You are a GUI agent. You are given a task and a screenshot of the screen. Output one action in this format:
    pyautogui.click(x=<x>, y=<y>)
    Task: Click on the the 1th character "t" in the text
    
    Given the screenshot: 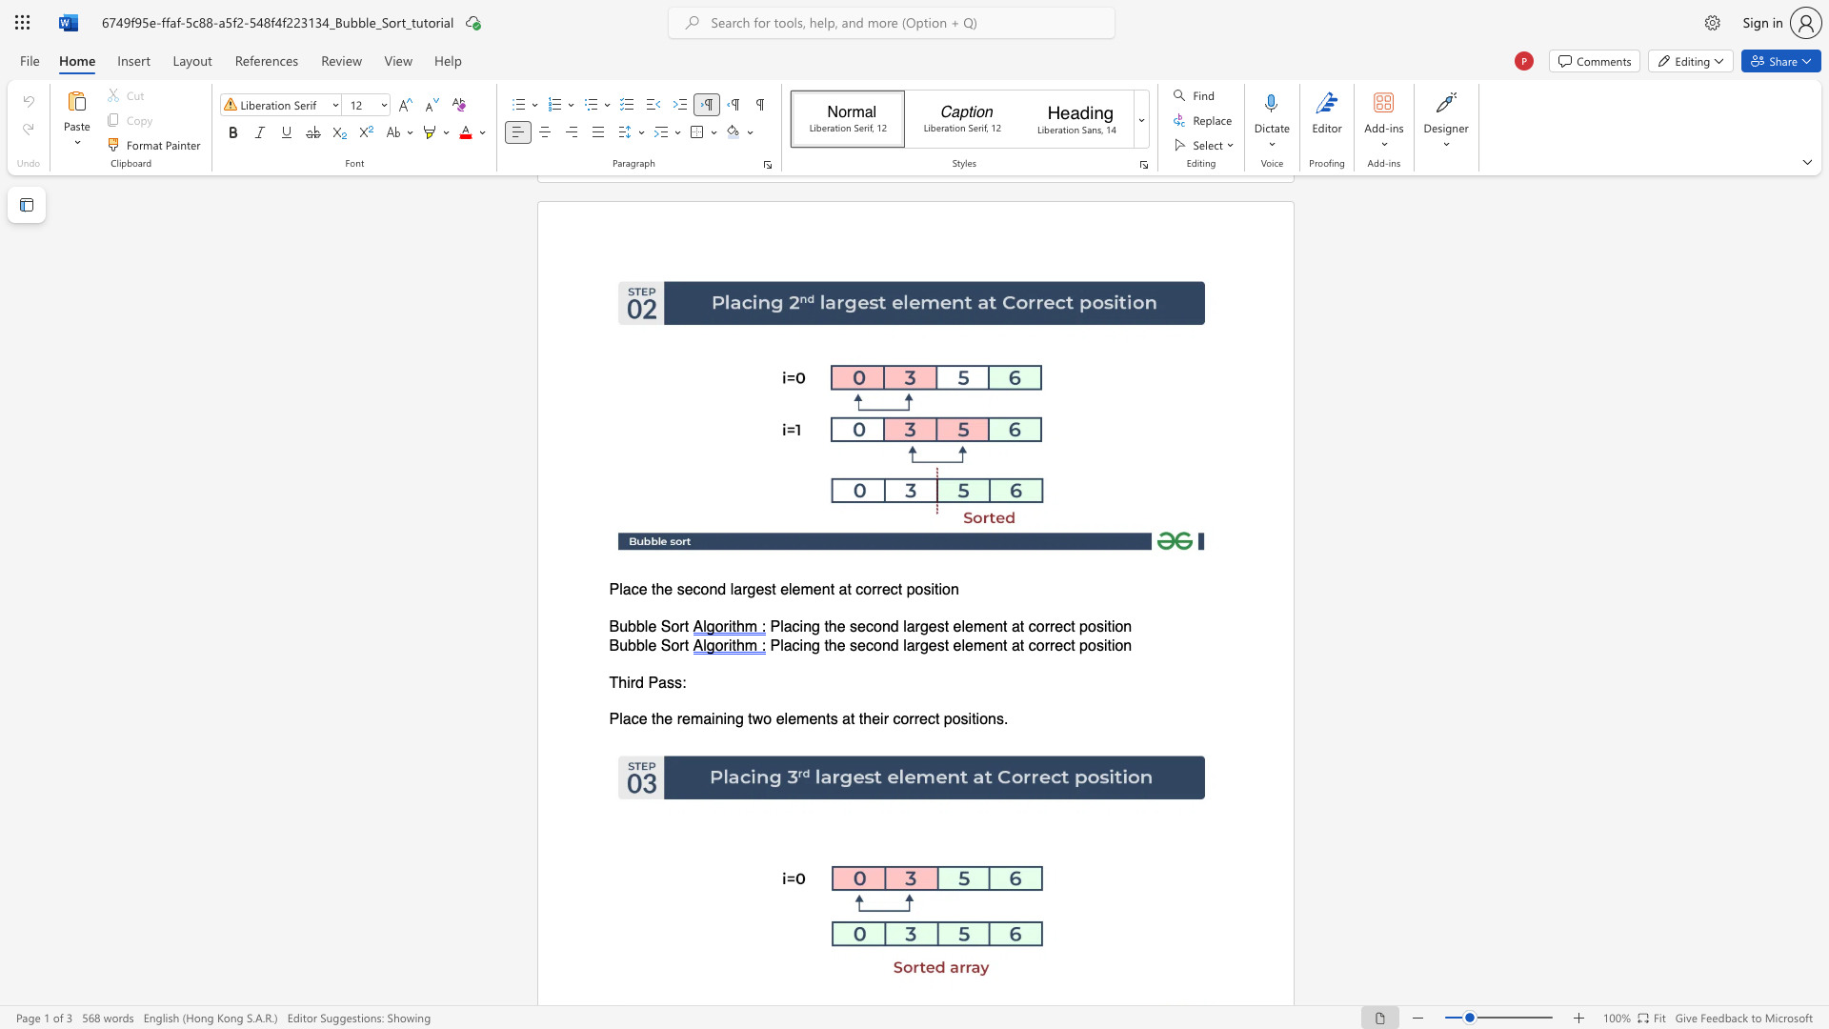 What is the action you would take?
    pyautogui.click(x=653, y=589)
    